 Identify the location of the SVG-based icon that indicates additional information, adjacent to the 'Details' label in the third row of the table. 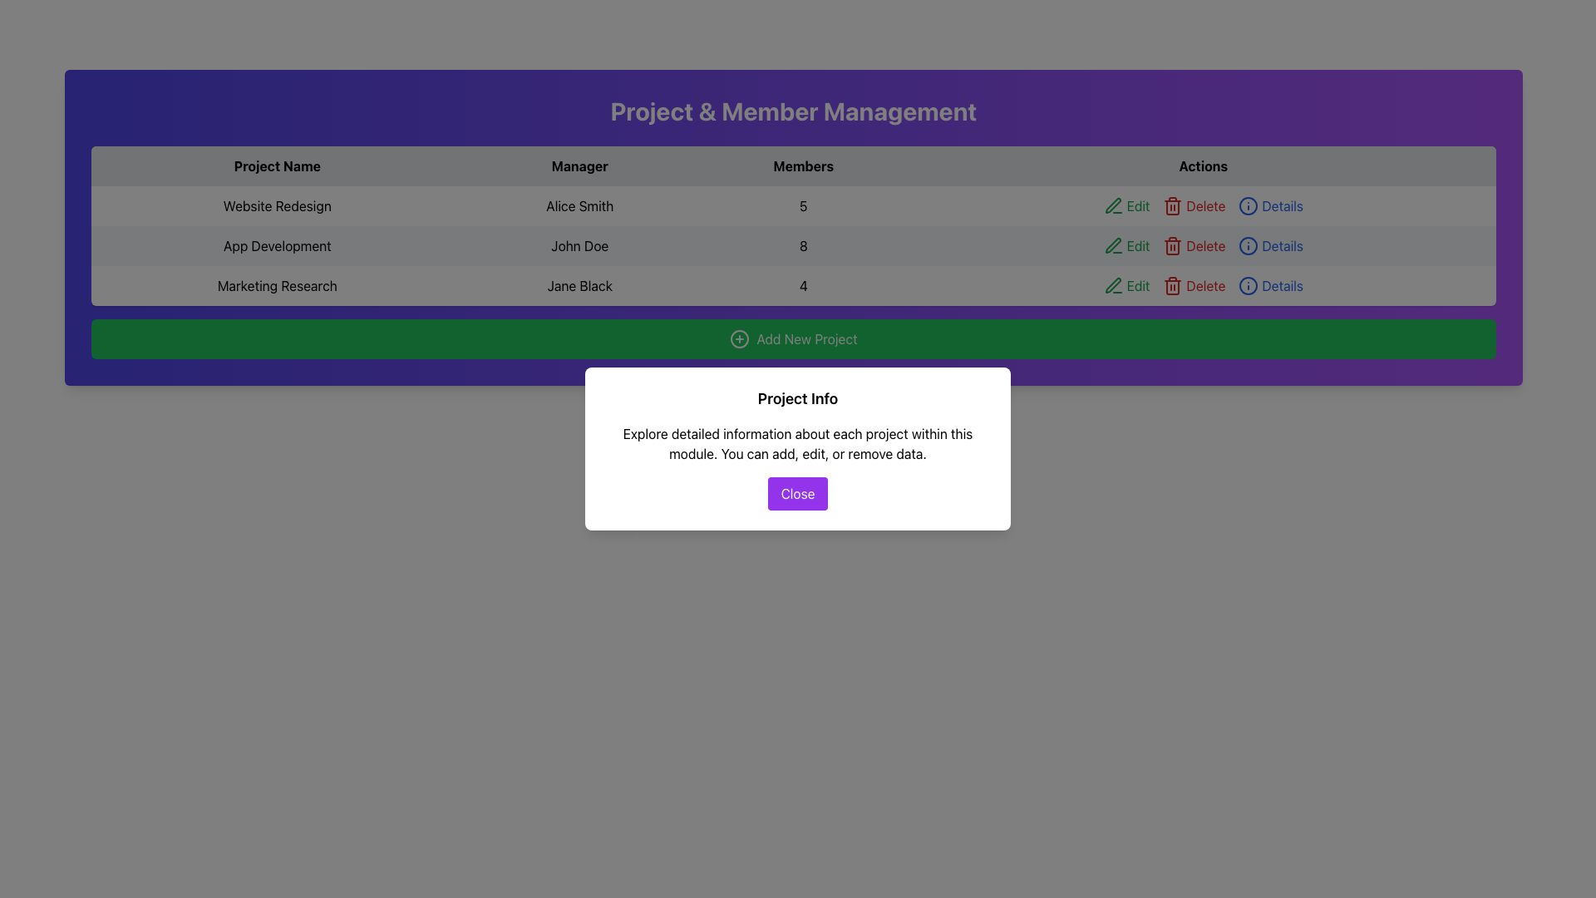
(1249, 205).